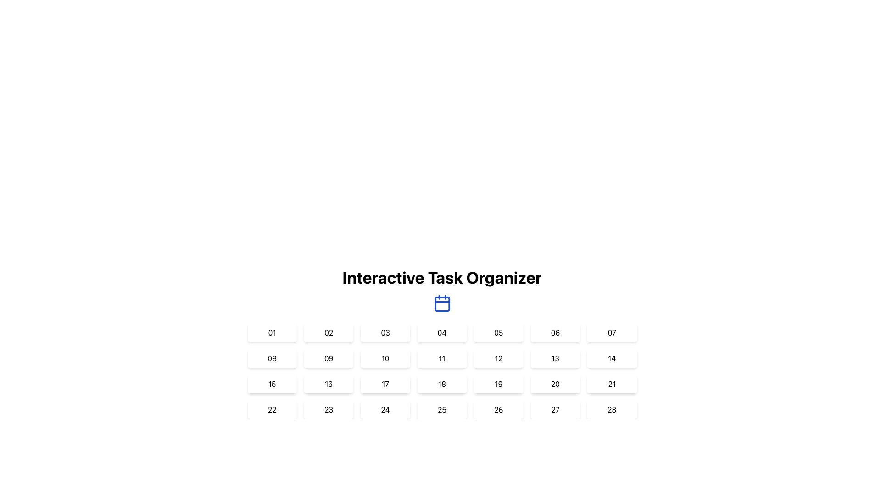  I want to click on the button located in the second row, fourth column of the grid layout, so click(442, 358).